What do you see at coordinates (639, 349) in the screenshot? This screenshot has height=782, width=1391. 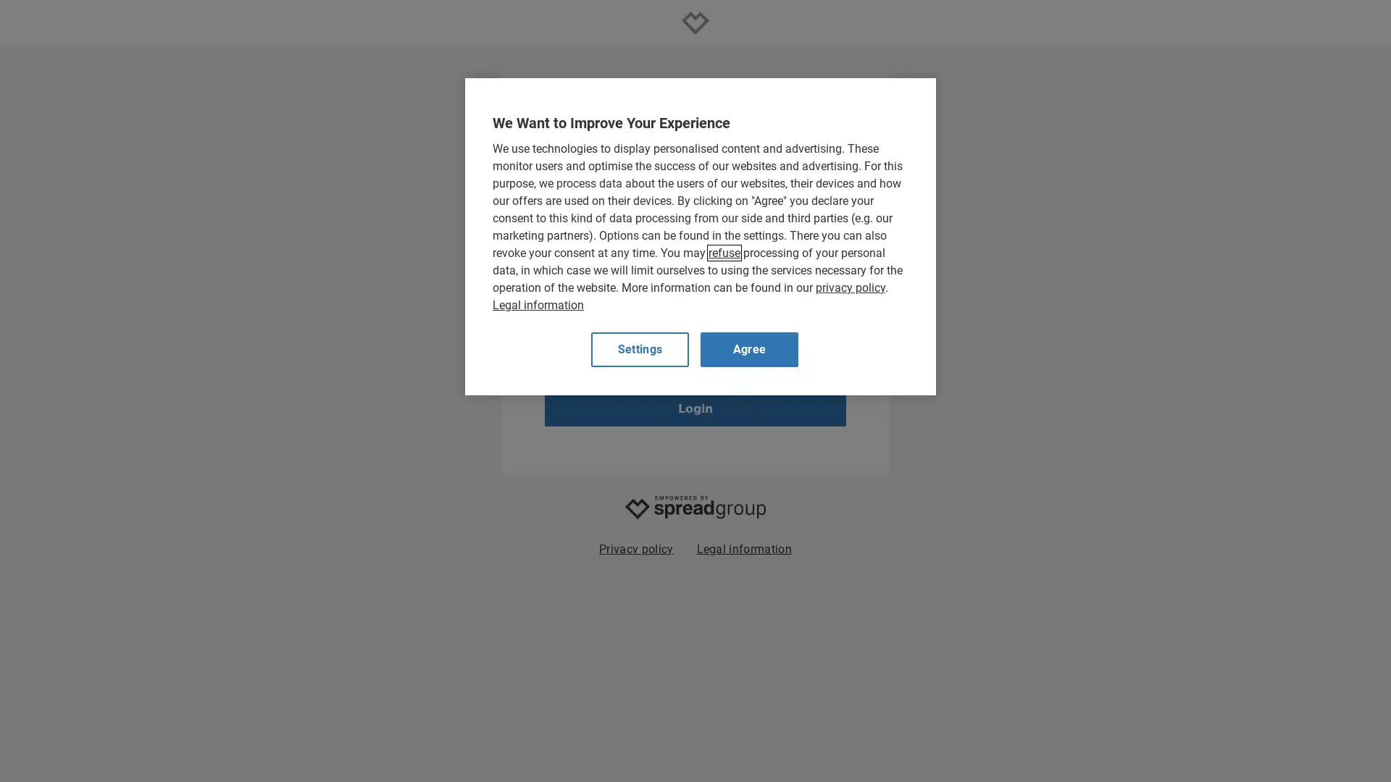 I see `Settings` at bounding box center [639, 349].